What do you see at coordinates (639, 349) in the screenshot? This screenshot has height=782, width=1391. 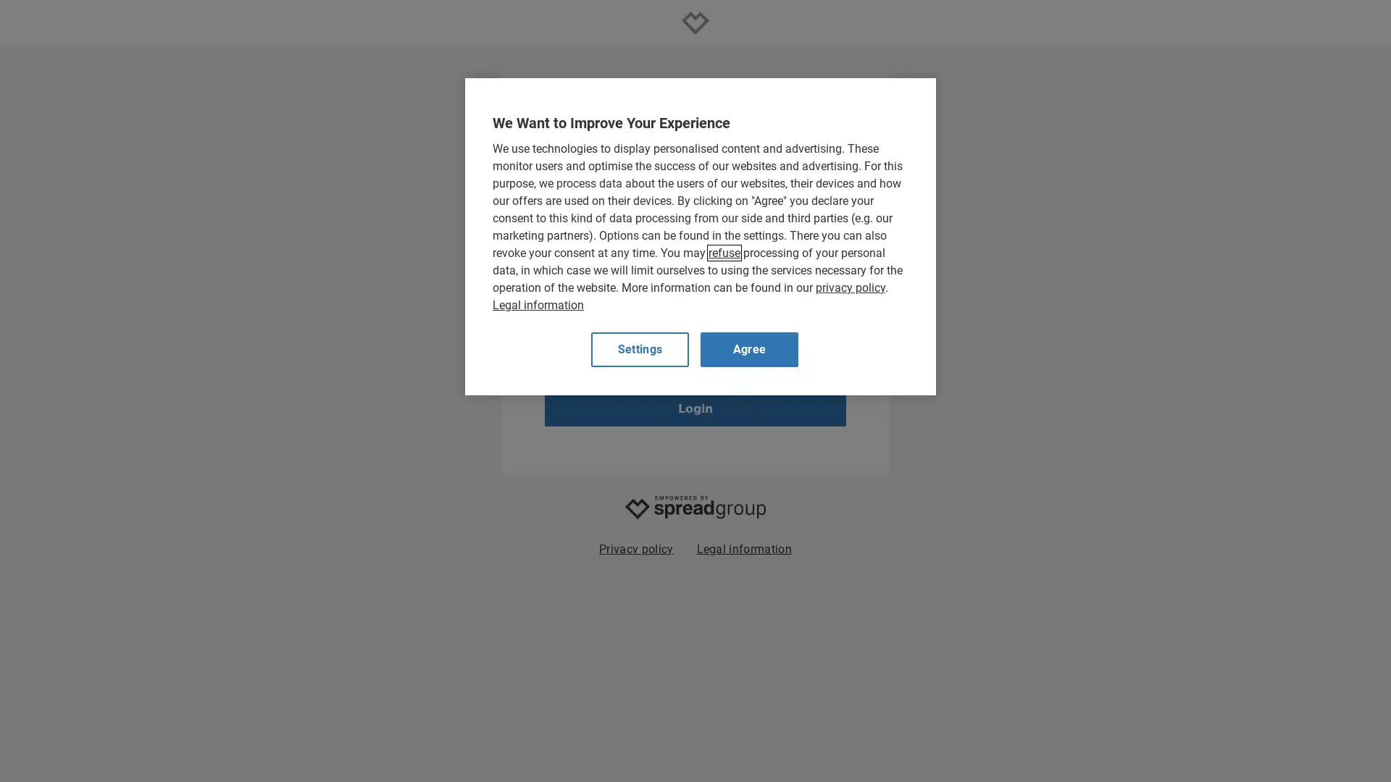 I see `Settings` at bounding box center [639, 349].